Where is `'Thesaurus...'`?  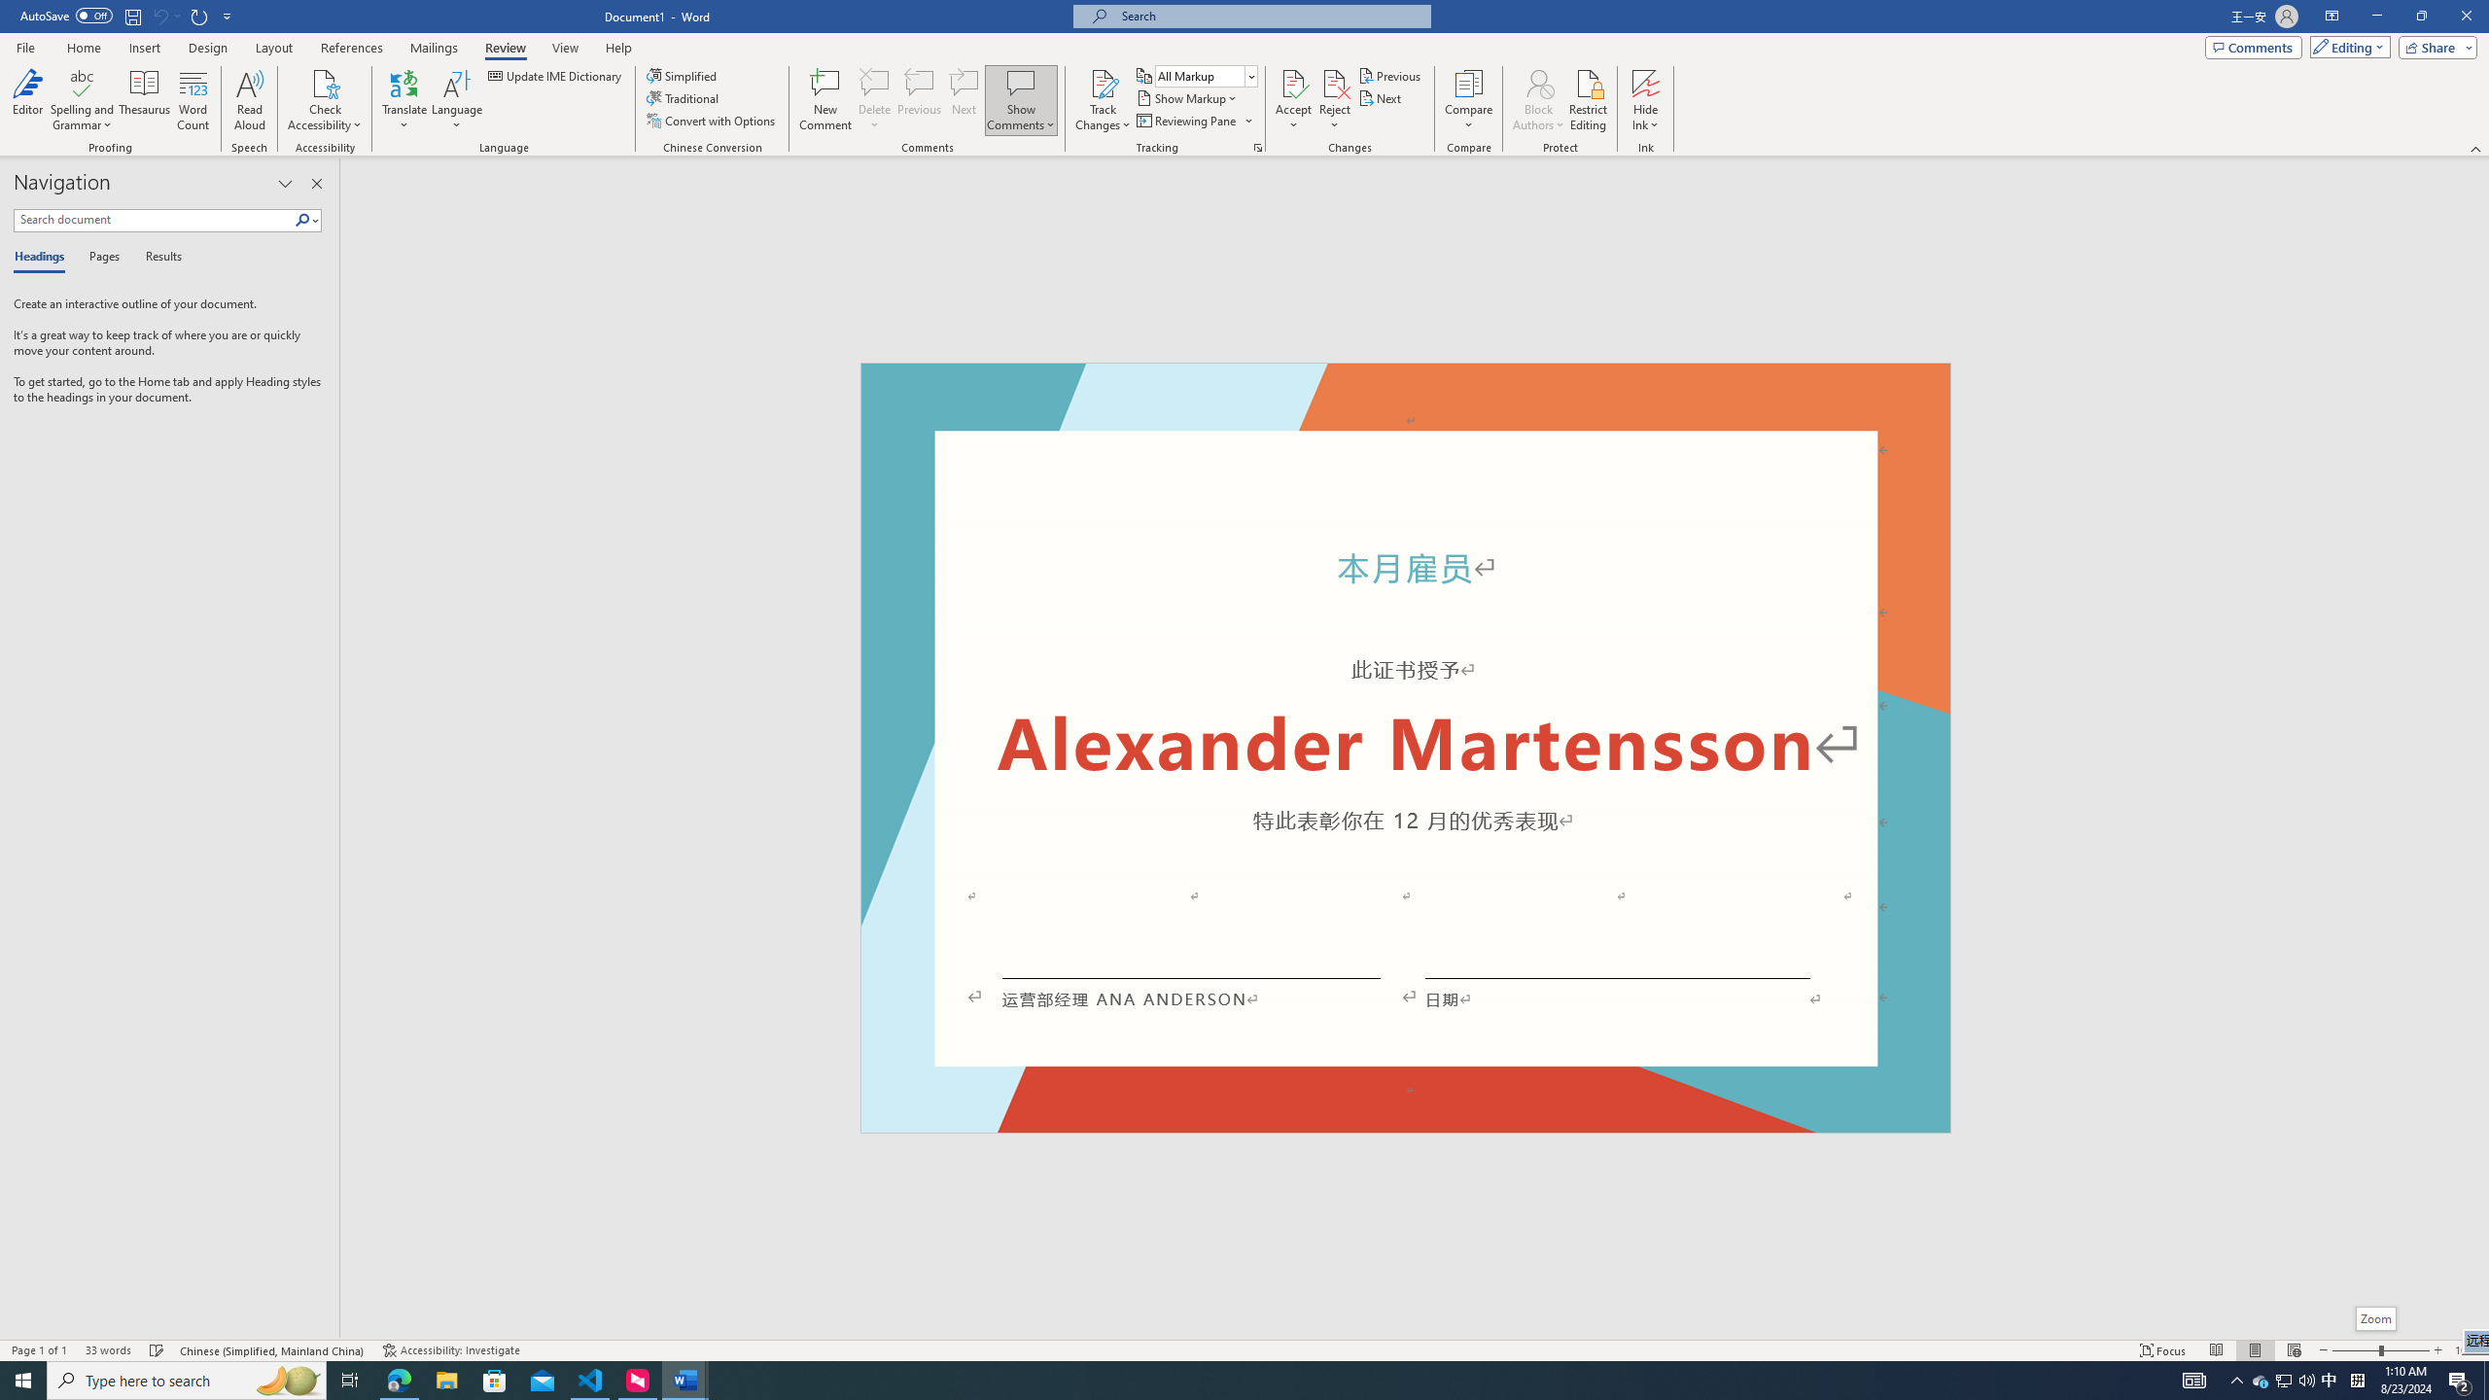 'Thesaurus...' is located at coordinates (144, 100).